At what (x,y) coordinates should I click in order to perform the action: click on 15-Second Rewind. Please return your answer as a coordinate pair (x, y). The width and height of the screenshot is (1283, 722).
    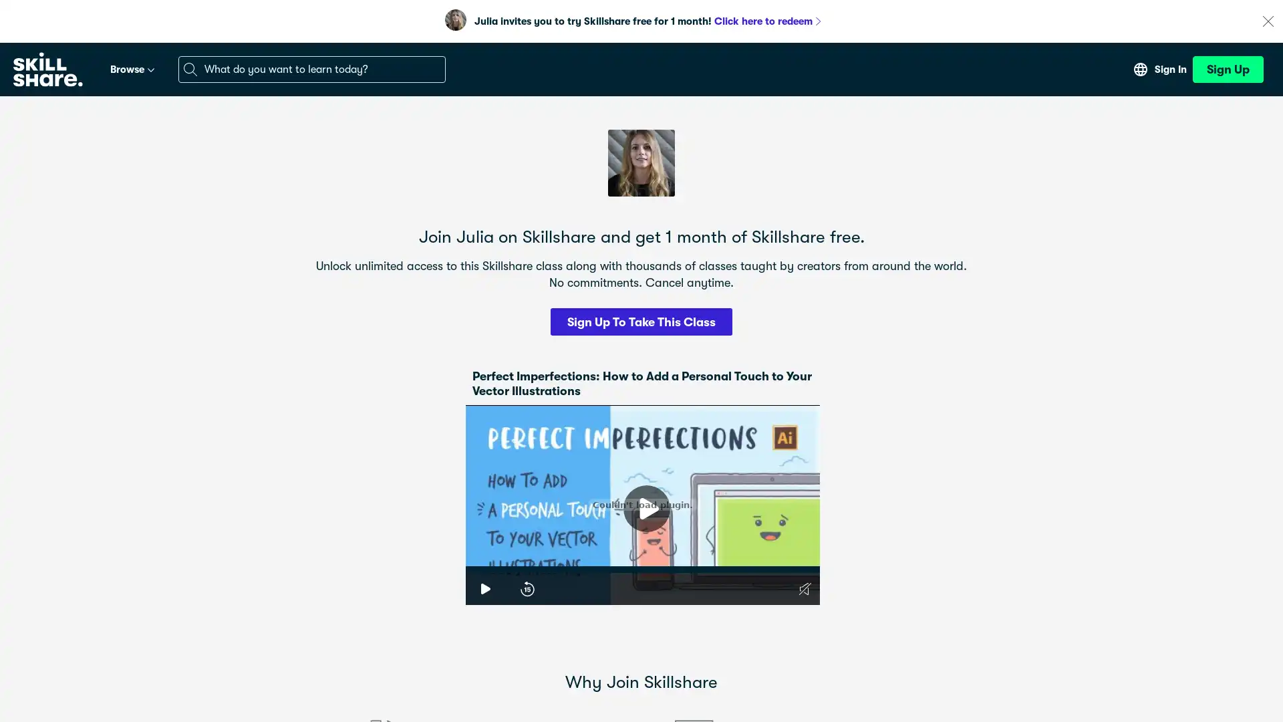
    Looking at the image, I should click on (527, 587).